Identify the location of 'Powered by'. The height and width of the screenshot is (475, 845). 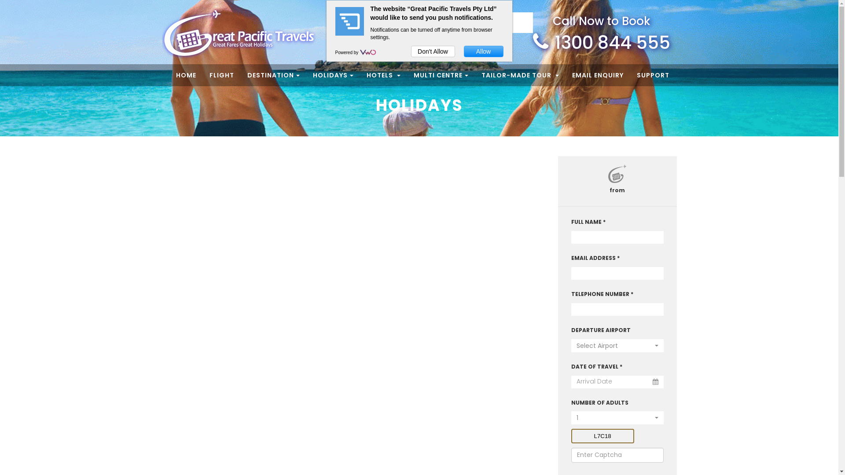
(347, 52).